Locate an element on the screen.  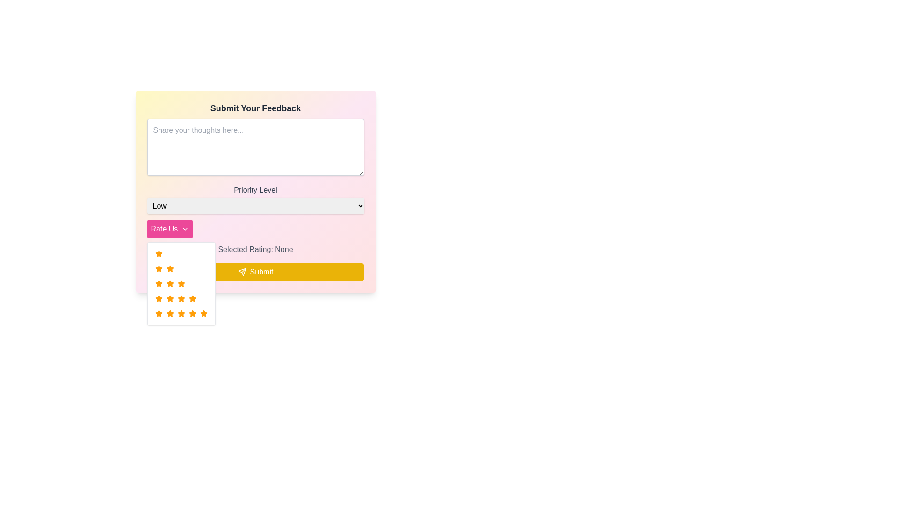
the fourth star in the rating row within the dropdown rating menu that allows users to select a four-star rating is located at coordinates (181, 299).